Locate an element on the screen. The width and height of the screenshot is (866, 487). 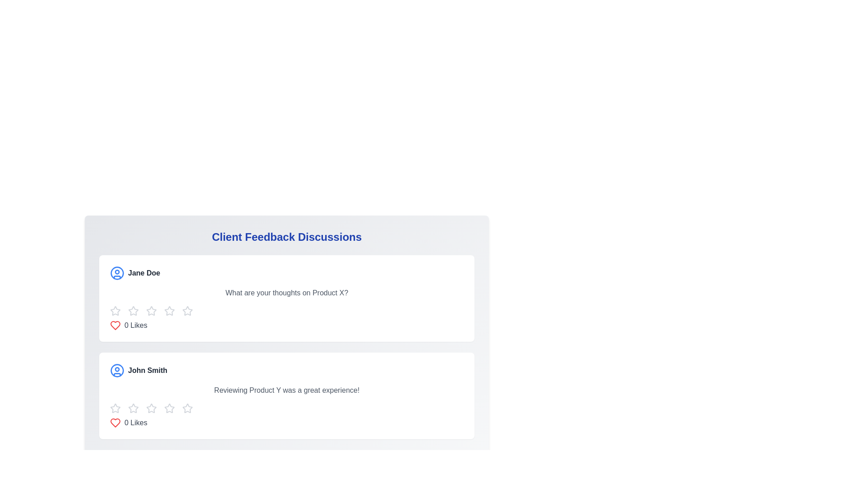
the second star icon in the rating section below 'John Smith' to allow the user to select a rating is located at coordinates (133, 408).